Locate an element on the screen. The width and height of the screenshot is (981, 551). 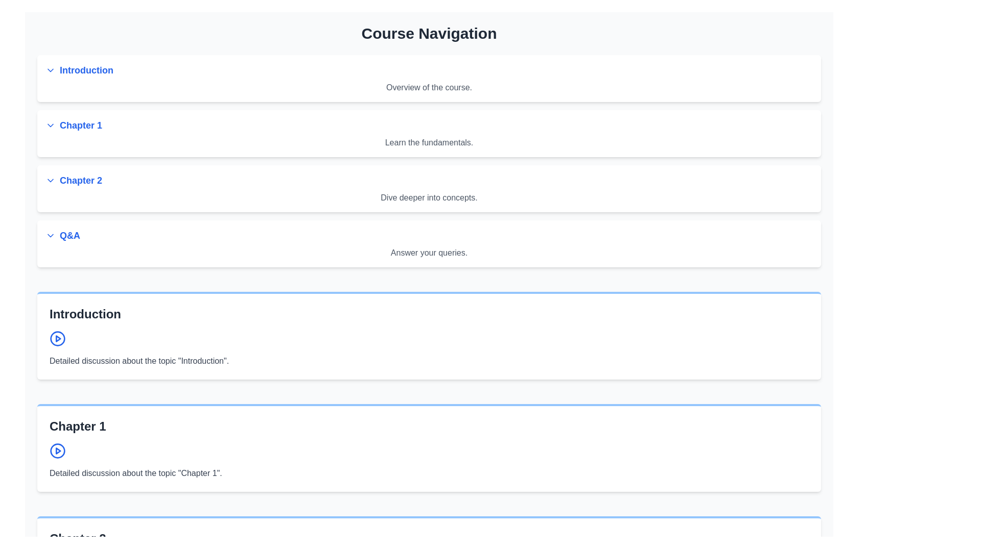
the Q&A icon is located at coordinates (50, 236).